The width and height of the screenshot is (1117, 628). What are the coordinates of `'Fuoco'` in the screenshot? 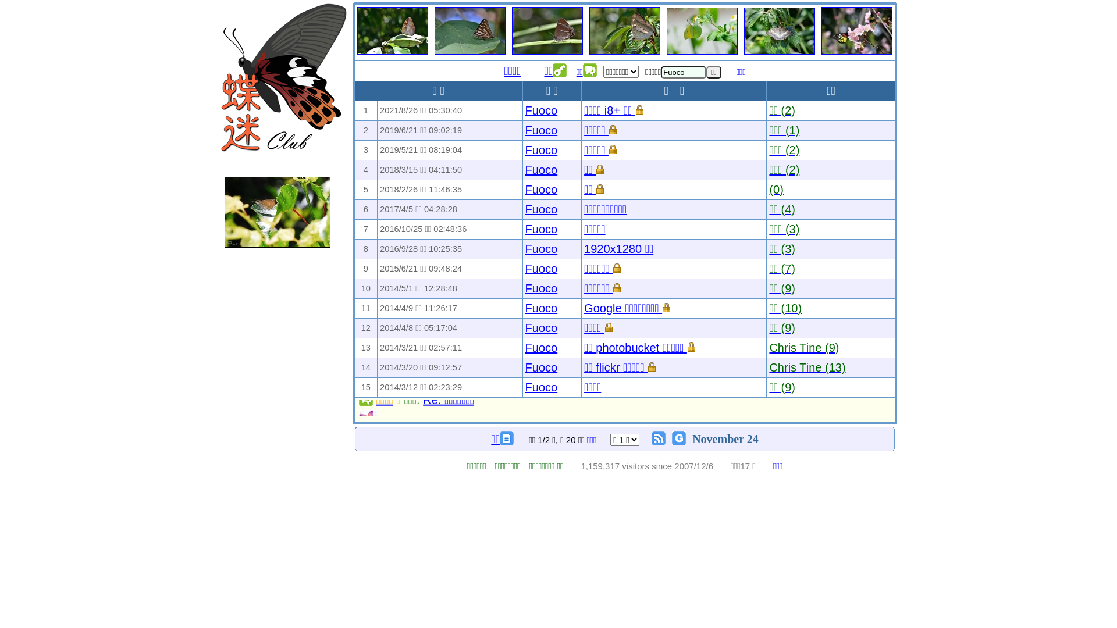 It's located at (524, 307).